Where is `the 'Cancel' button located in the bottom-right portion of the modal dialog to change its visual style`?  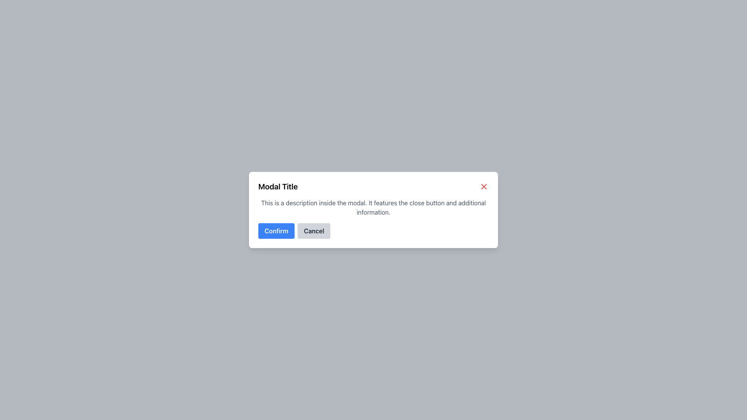 the 'Cancel' button located in the bottom-right portion of the modal dialog to change its visual style is located at coordinates (314, 231).